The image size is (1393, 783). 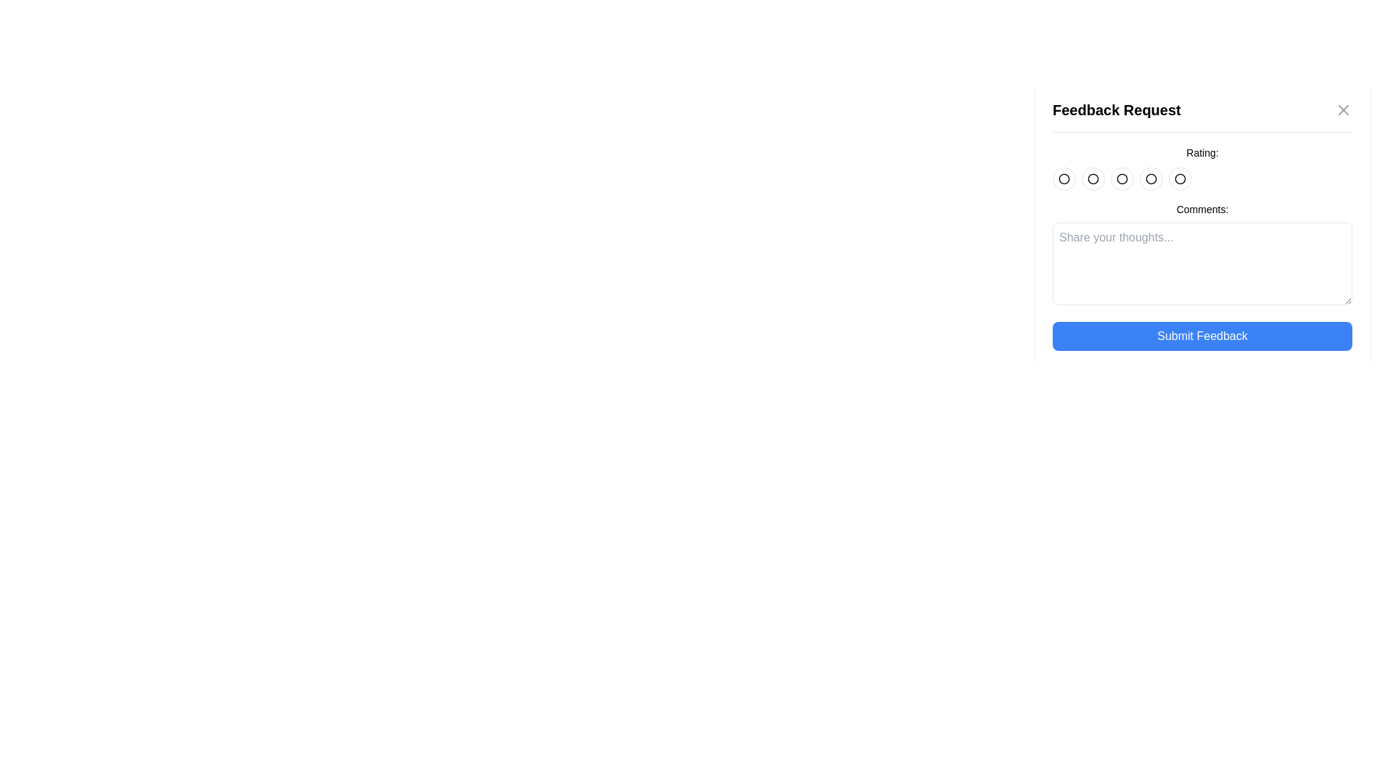 I want to click on 'Rating:' label located in the top-right corner of the feedback request form, above the circle rating buttons, so click(x=1202, y=153).